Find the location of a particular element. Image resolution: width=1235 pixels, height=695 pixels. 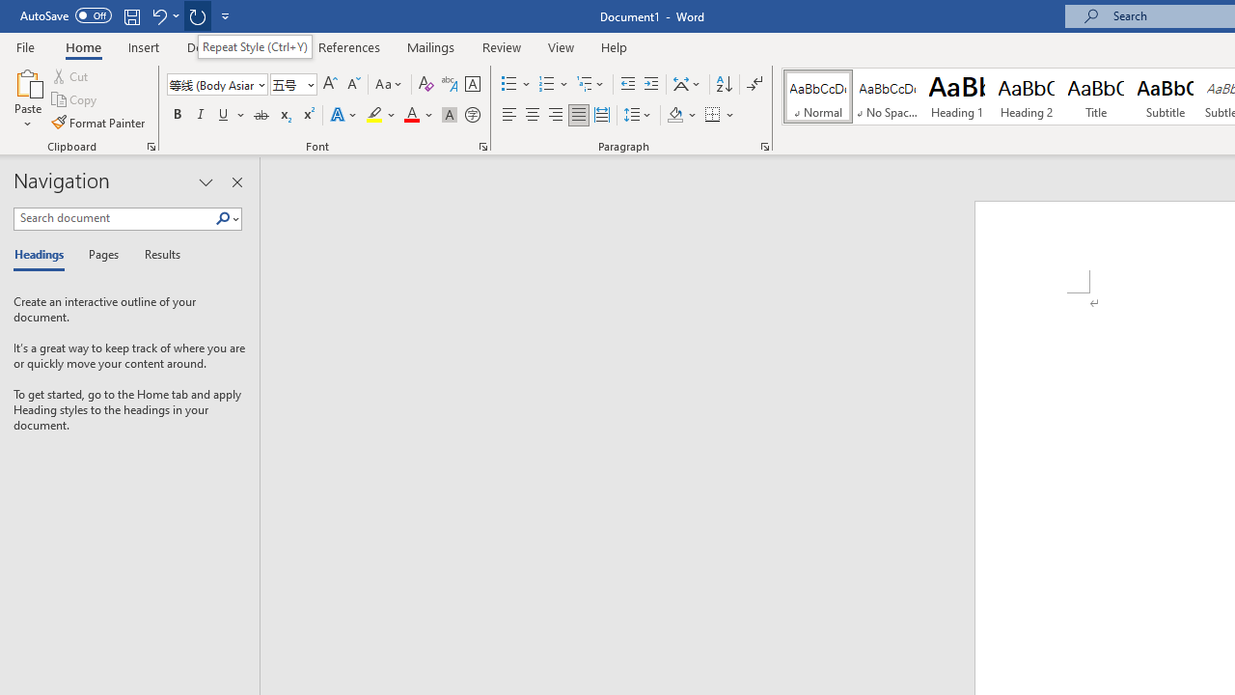

'Decrease Indent' is located at coordinates (627, 83).